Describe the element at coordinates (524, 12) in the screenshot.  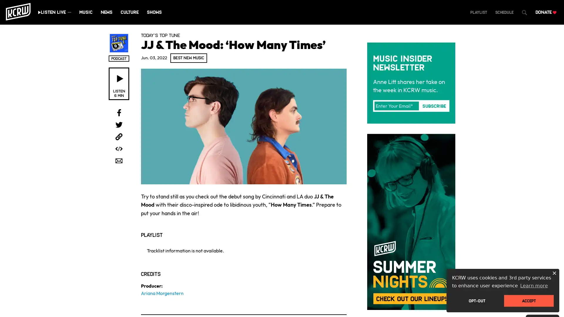
I see `Open Search Dialog` at that location.